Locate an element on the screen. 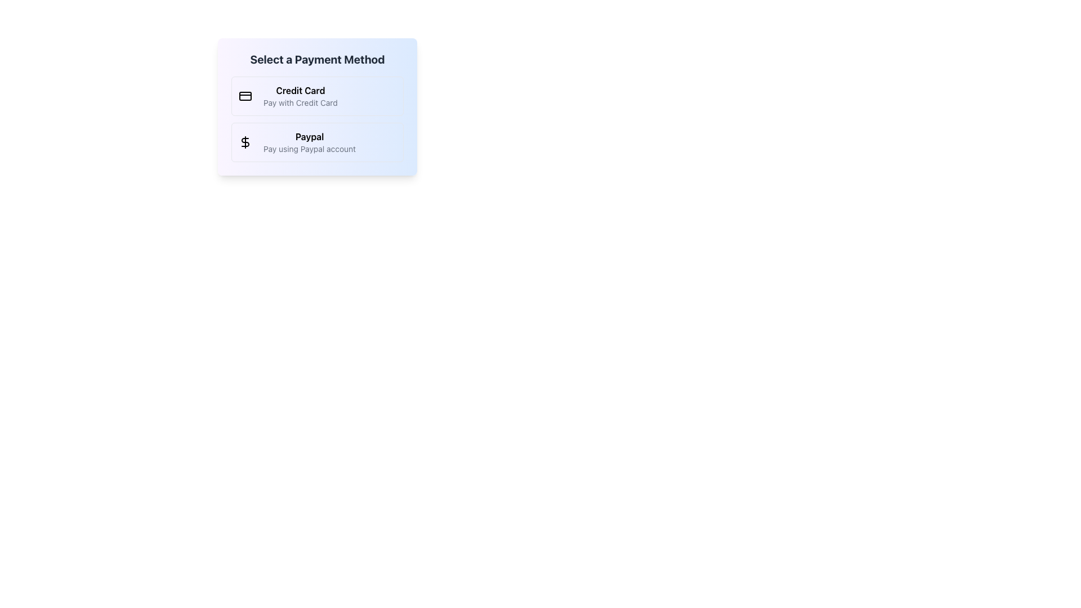  the decorative graphical element that visually represents a credit card, which is a rectangular shape with rounded corners located at the upper part of a credit card icon group is located at coordinates (245, 95).